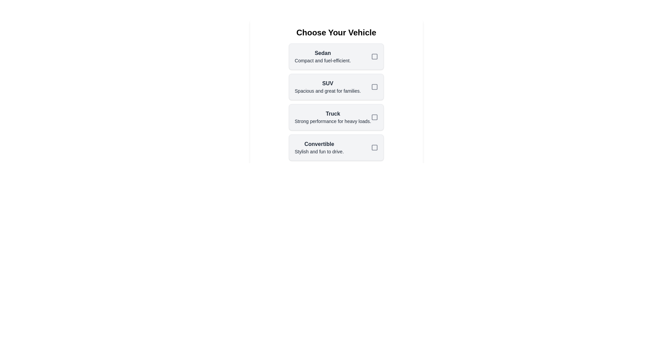 The height and width of the screenshot is (364, 648). Describe the element at coordinates (336, 147) in the screenshot. I see `the vehicle entry corresponding to Convertible` at that location.